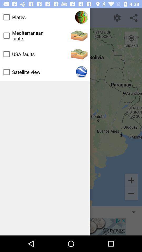 This screenshot has height=252, width=142. I want to click on the add icon, so click(131, 180).